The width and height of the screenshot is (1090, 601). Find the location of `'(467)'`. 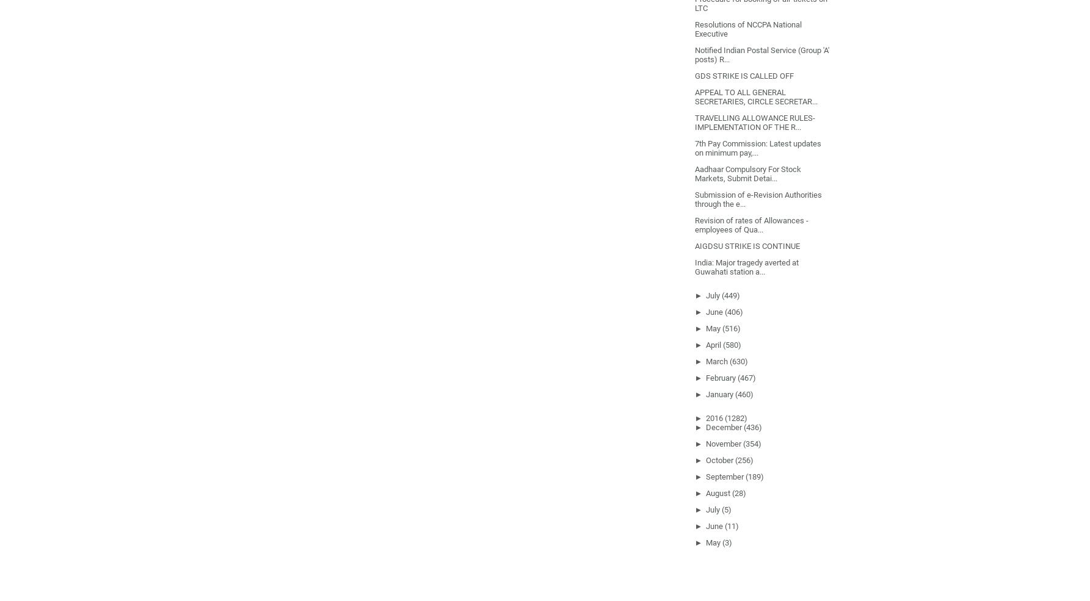

'(467)' is located at coordinates (746, 376).